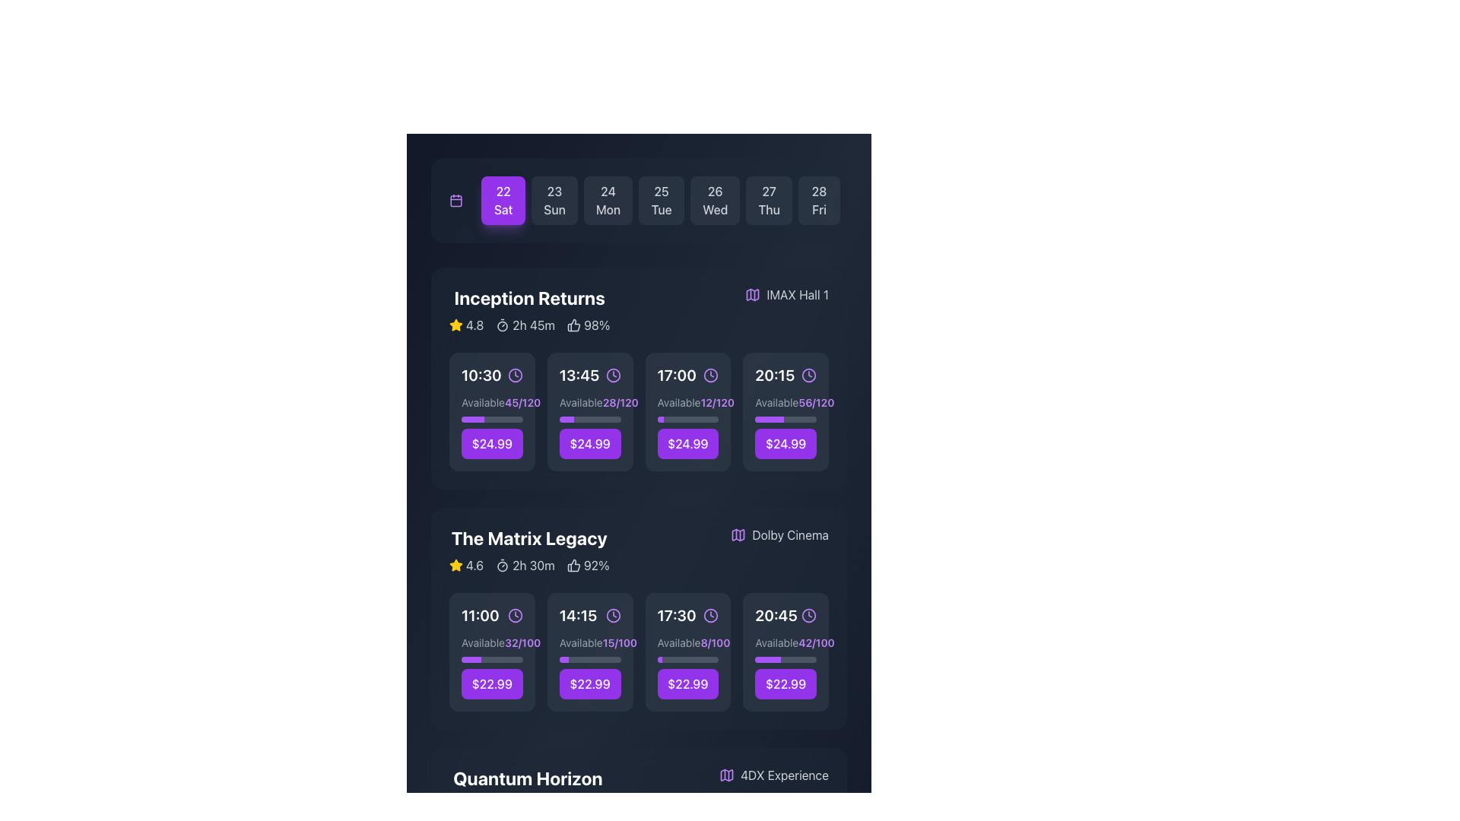 Image resolution: width=1460 pixels, height=821 pixels. I want to click on displayed time '10:30' next to the purple clock icon in the first time block of the 'Inception Returns' movie schedule card, so click(492, 375).